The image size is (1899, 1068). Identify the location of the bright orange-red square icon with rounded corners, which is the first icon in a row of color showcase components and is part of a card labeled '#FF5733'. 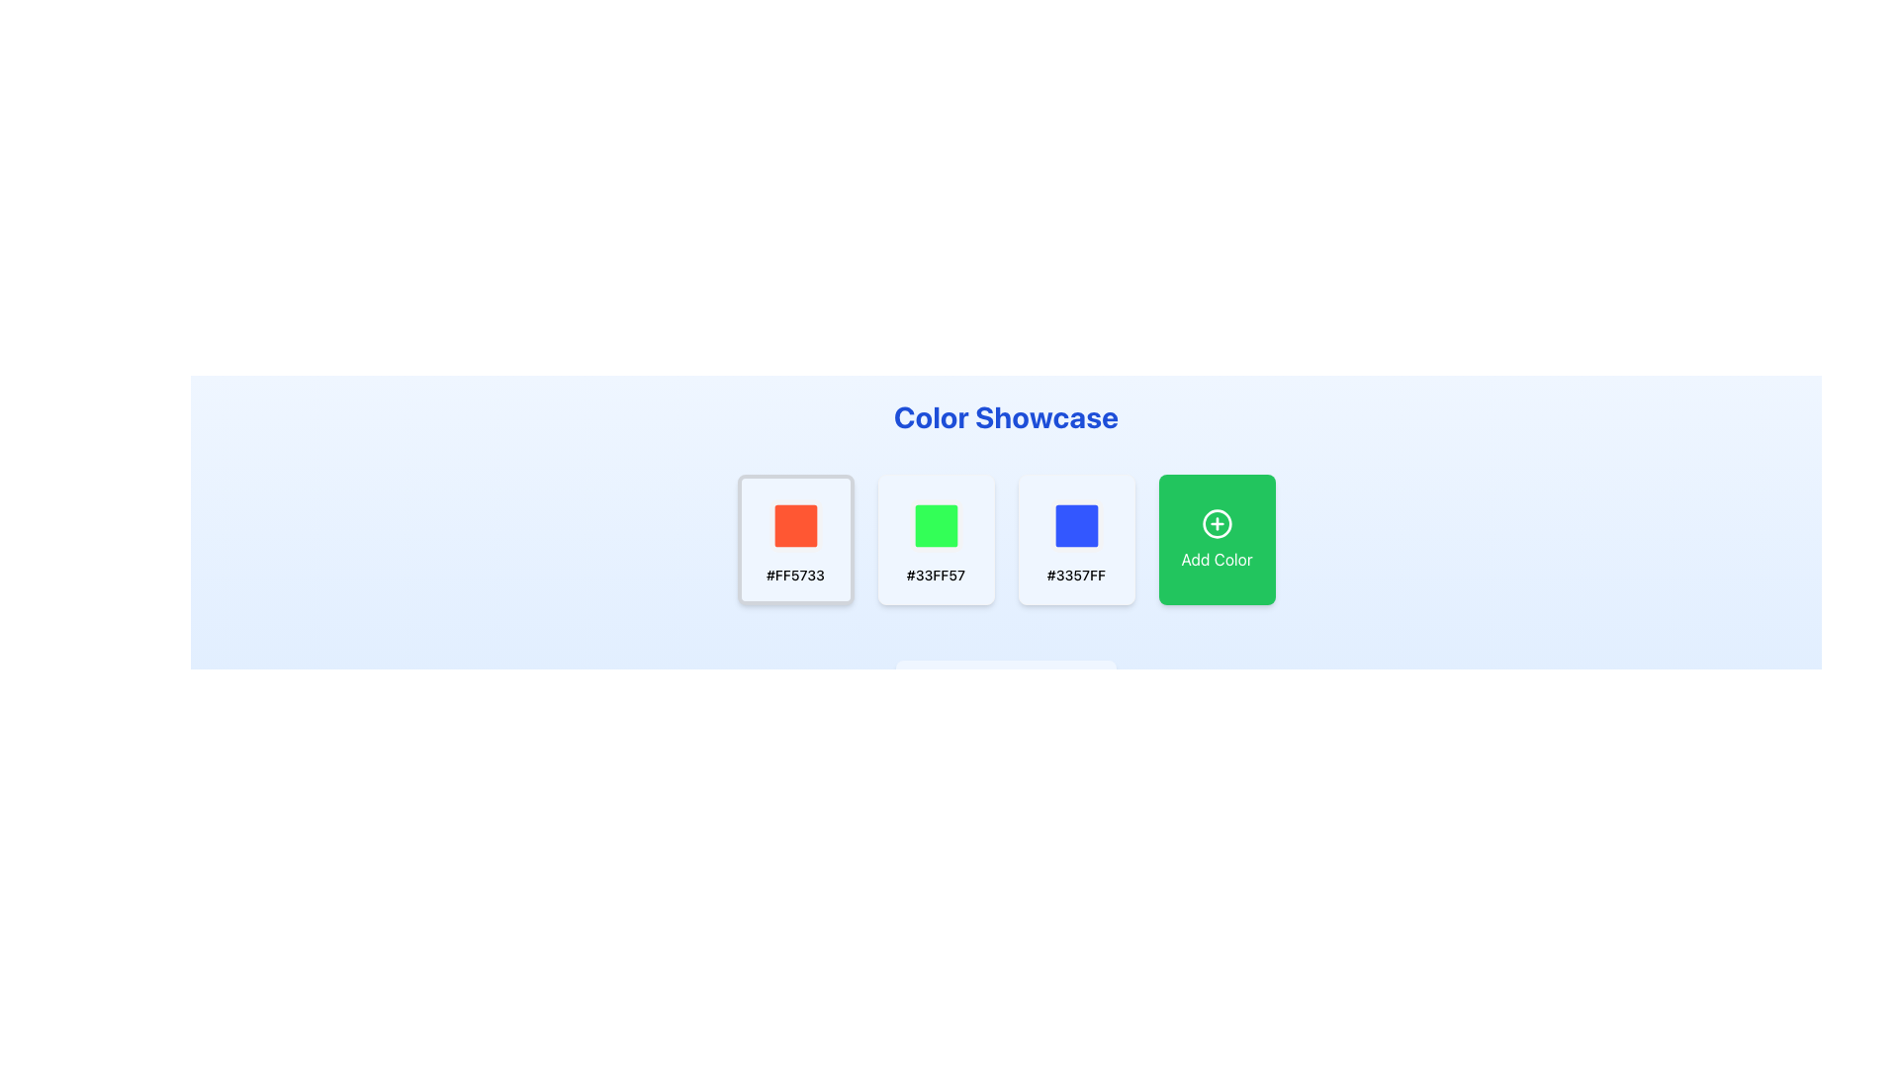
(795, 525).